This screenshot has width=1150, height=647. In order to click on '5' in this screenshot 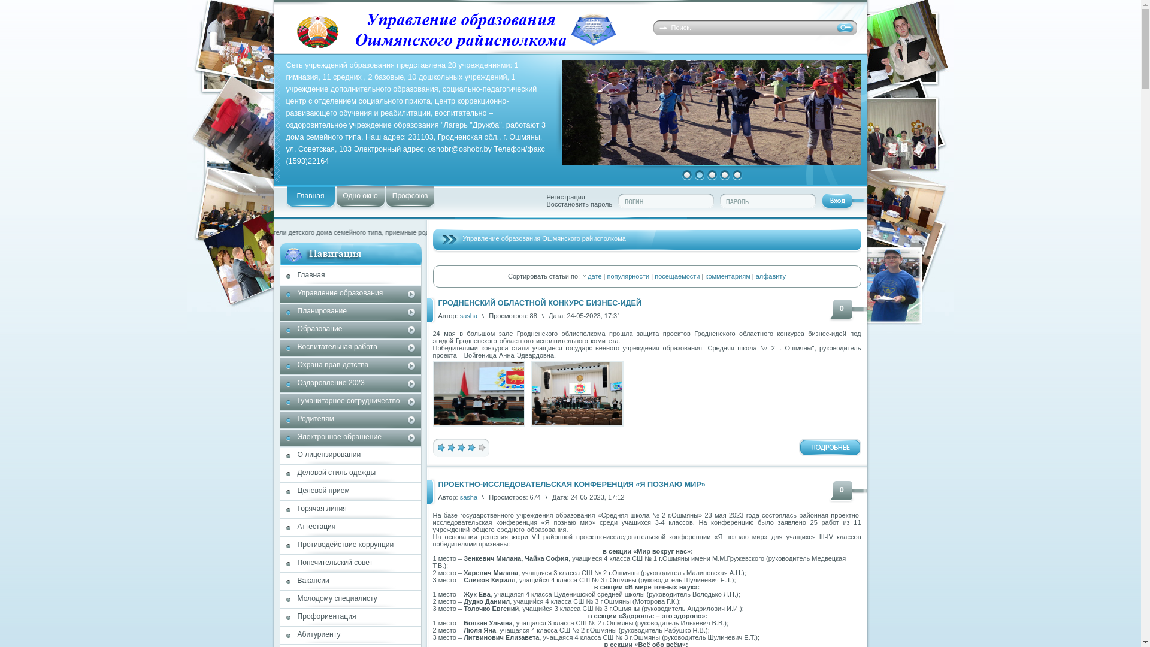, I will do `click(482, 447)`.